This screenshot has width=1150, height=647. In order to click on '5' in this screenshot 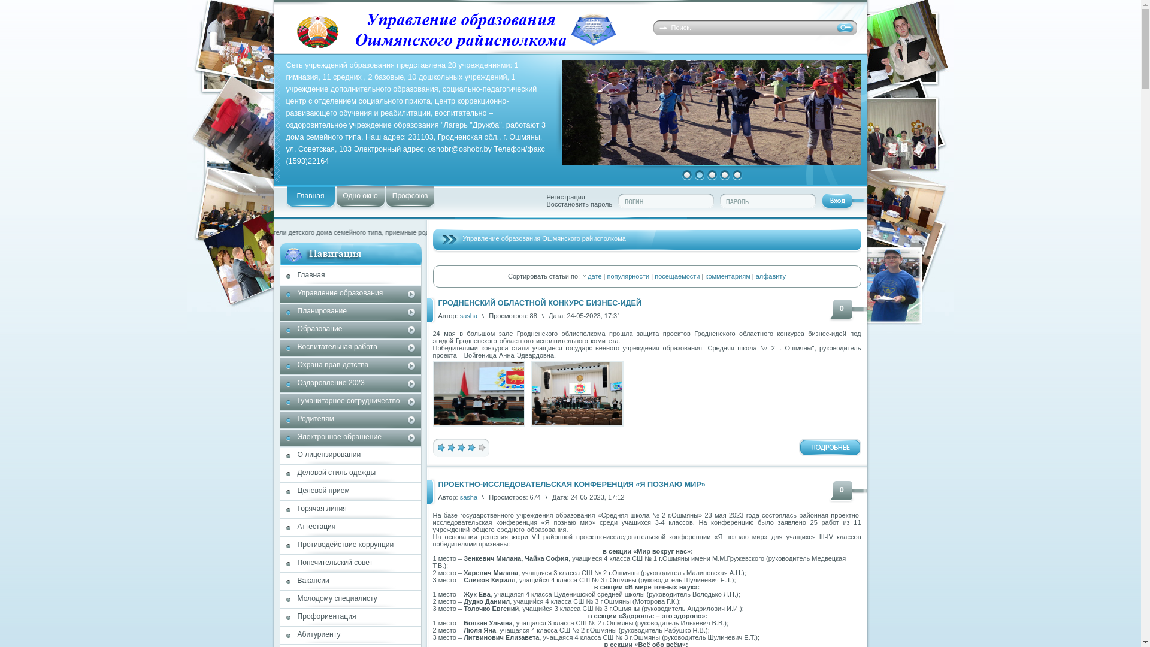, I will do `click(482, 447)`.